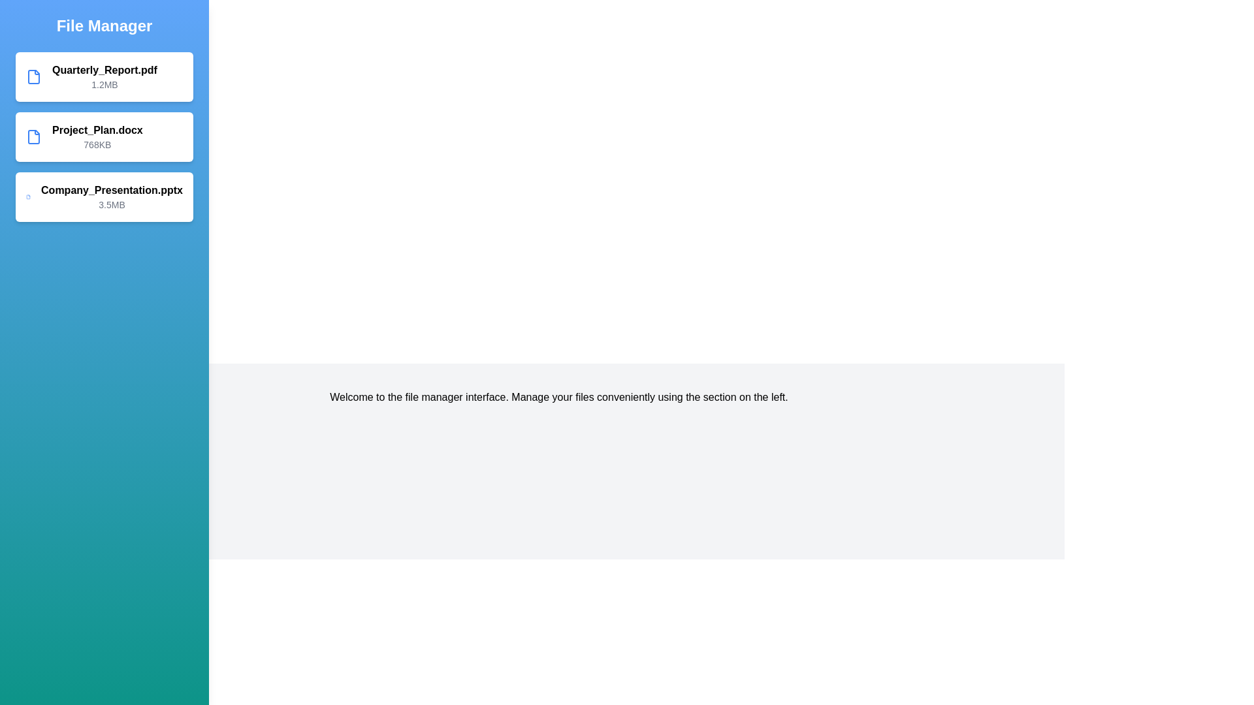 The width and height of the screenshot is (1254, 705). What do you see at coordinates (103, 136) in the screenshot?
I see `the file item Project_Plan.docx to view its details` at bounding box center [103, 136].